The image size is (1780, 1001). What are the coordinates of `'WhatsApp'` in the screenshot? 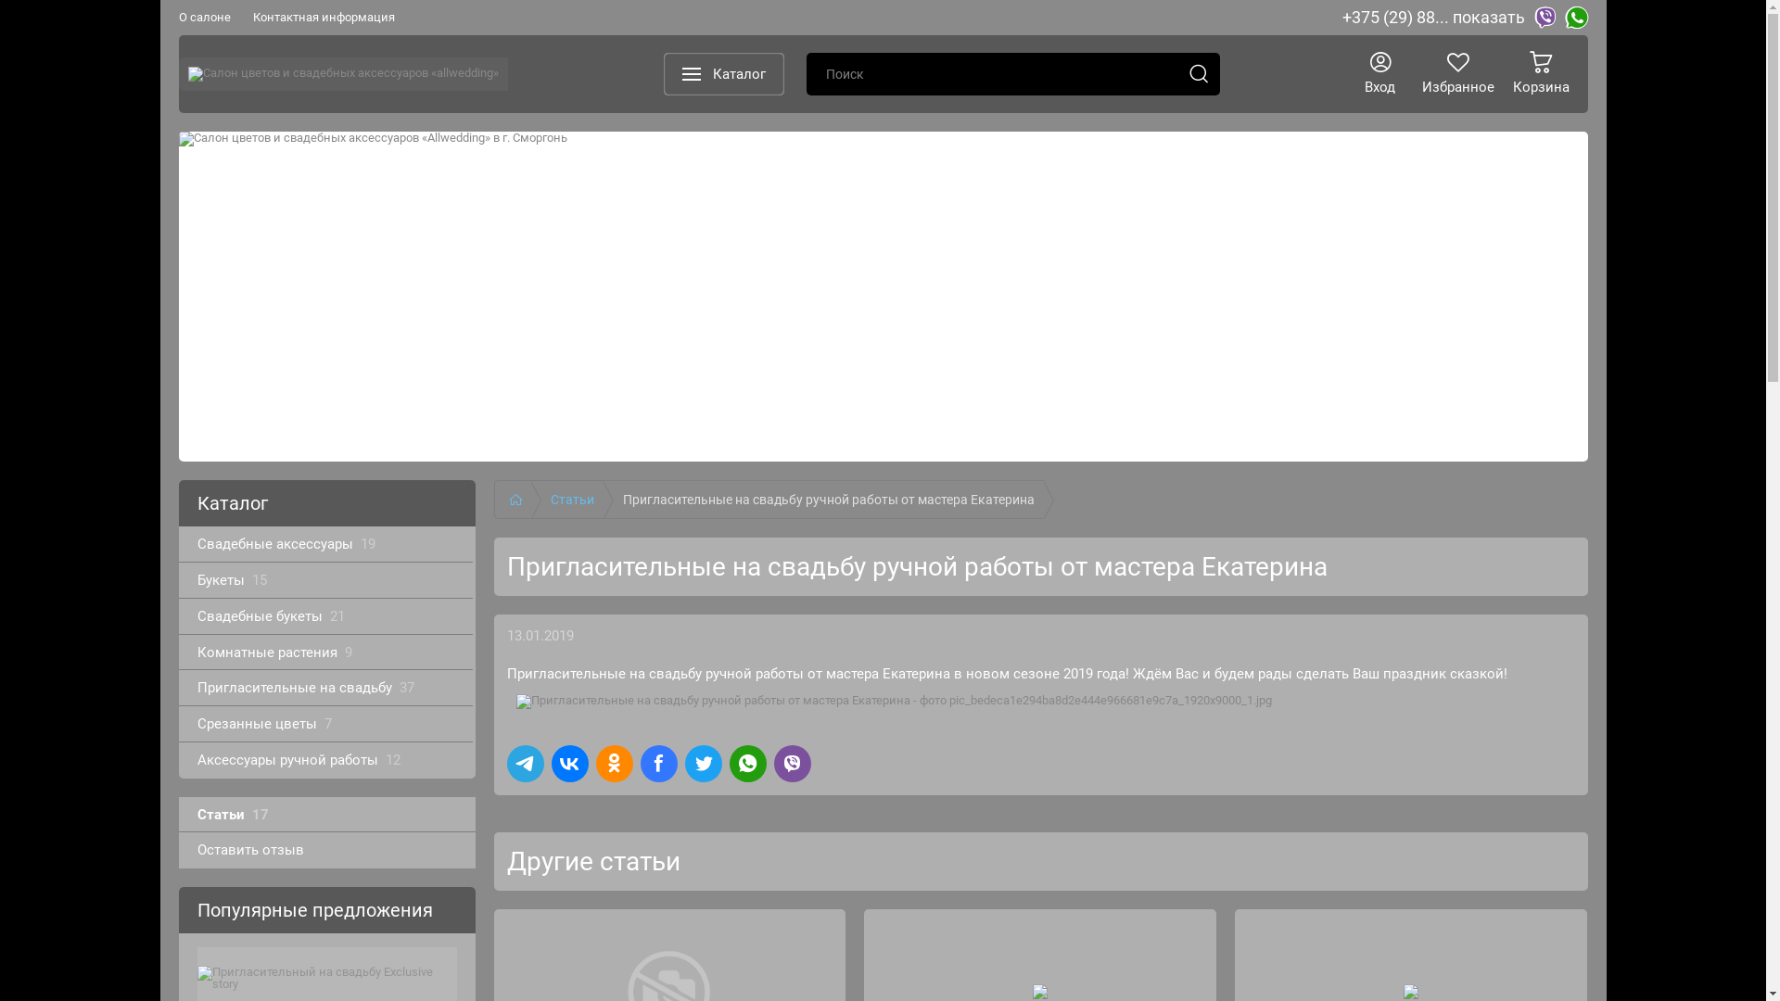 It's located at (1564, 18).